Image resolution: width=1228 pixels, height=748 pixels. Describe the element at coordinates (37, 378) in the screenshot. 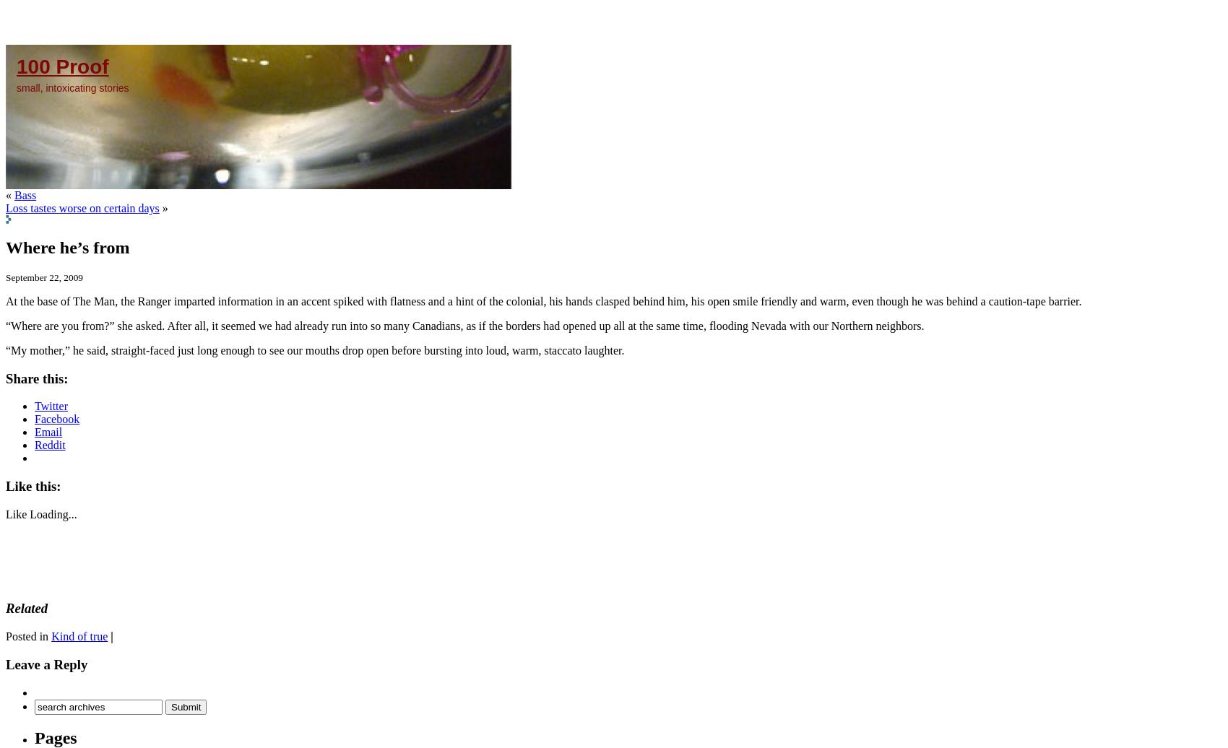

I see `'Share this:'` at that location.